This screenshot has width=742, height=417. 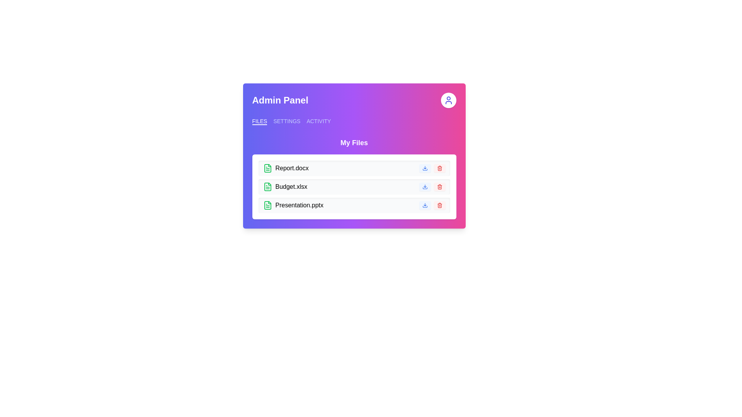 What do you see at coordinates (354, 178) in the screenshot?
I see `the file entry row representing the second item in the 'My Files' list` at bounding box center [354, 178].